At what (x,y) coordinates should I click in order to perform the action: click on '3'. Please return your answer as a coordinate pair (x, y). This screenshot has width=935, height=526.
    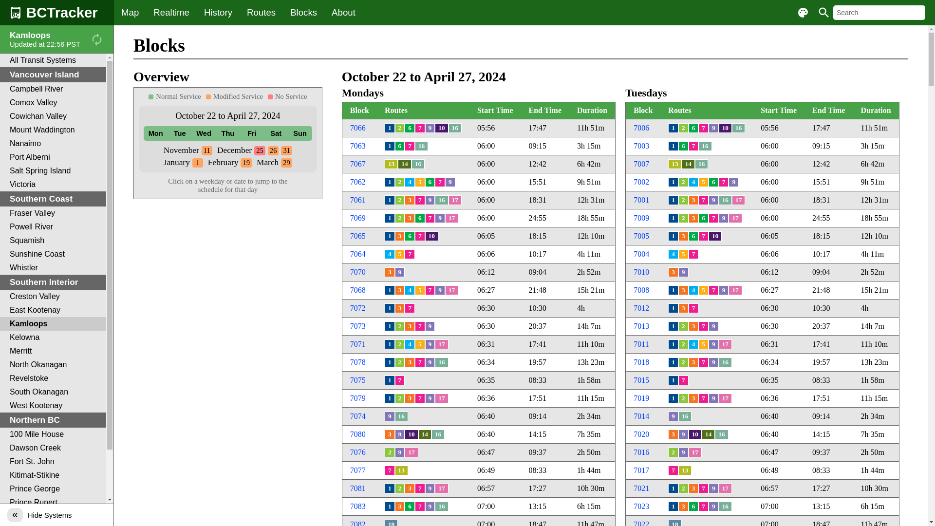
    Looking at the image, I should click on (400, 308).